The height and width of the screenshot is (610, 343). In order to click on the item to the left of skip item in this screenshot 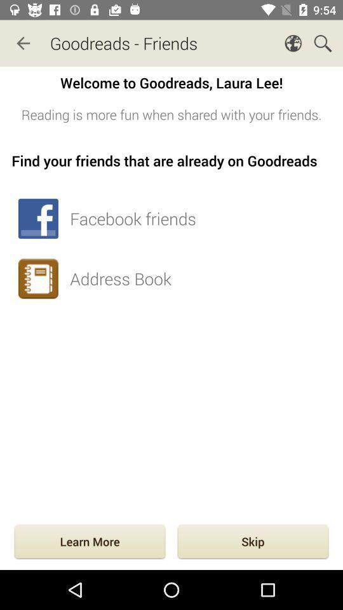, I will do `click(89, 542)`.